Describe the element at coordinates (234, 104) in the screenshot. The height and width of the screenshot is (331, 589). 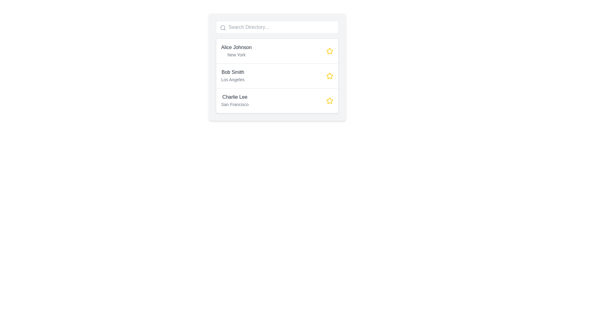
I see `the text label displaying 'San Francisco' in light gray font, located beneath 'Charlie Lee' in the directory listing` at that location.